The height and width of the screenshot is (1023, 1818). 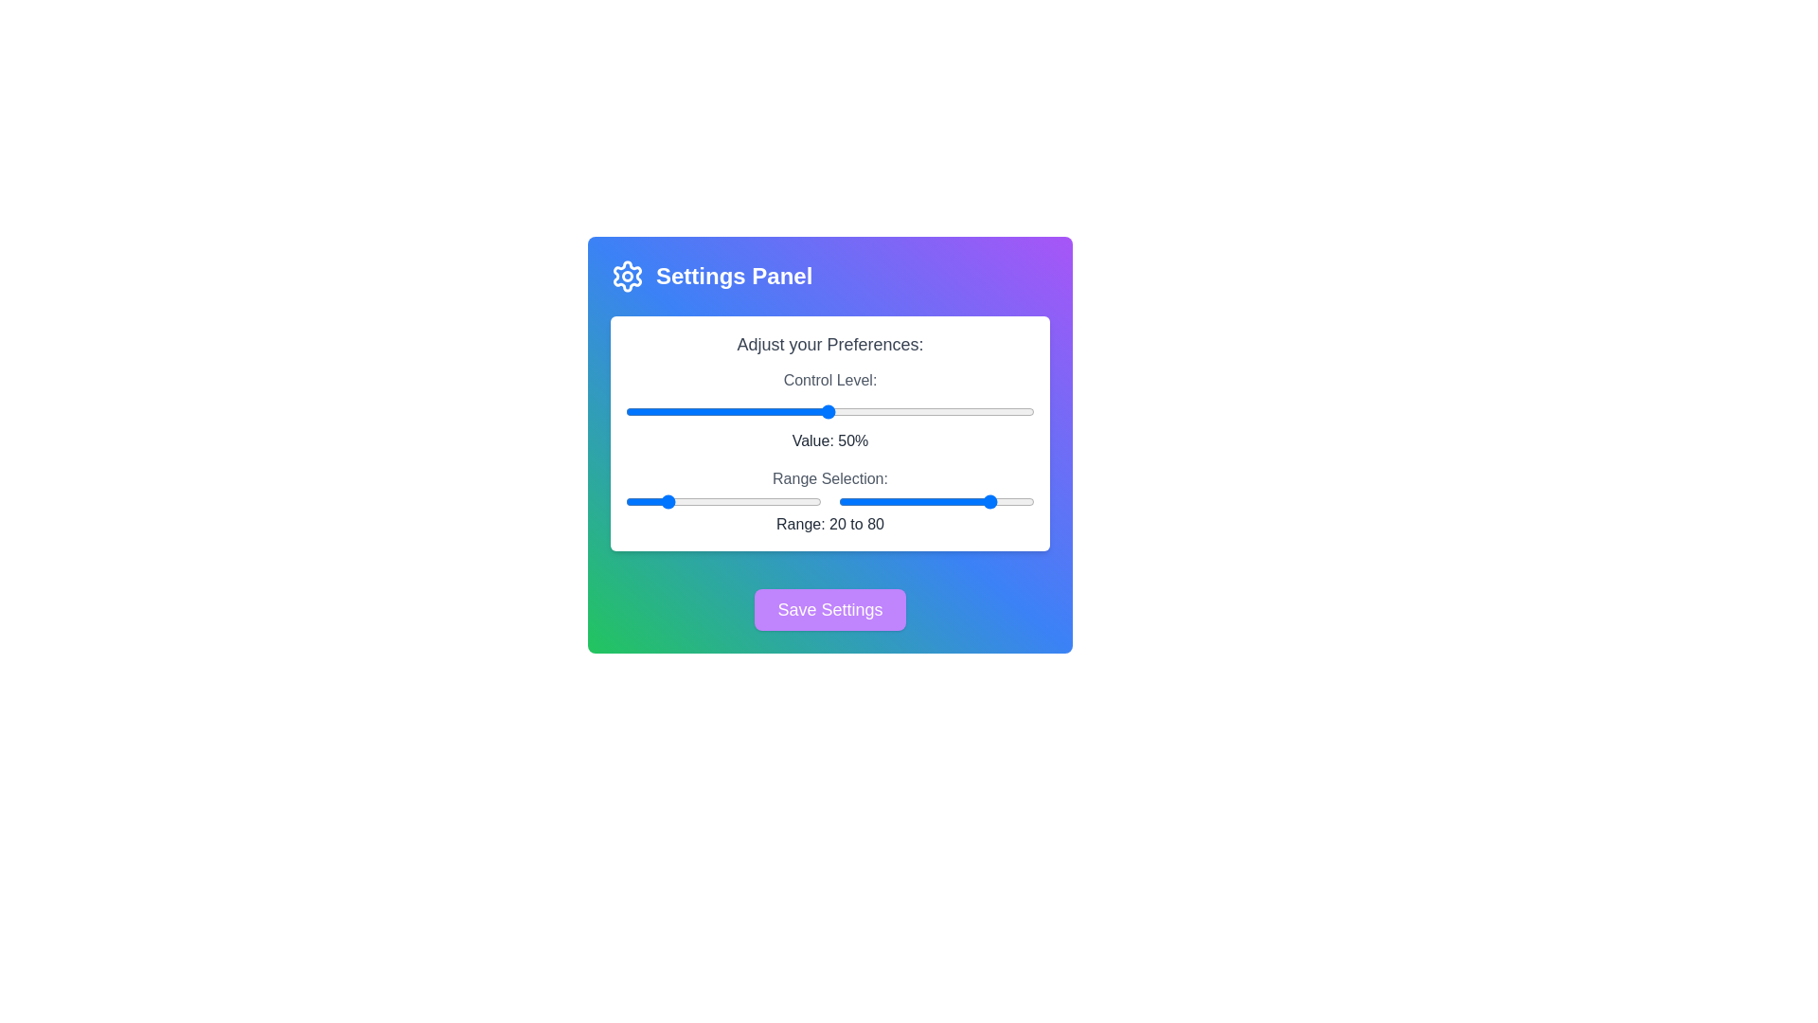 I want to click on the slider value, so click(x=762, y=411).